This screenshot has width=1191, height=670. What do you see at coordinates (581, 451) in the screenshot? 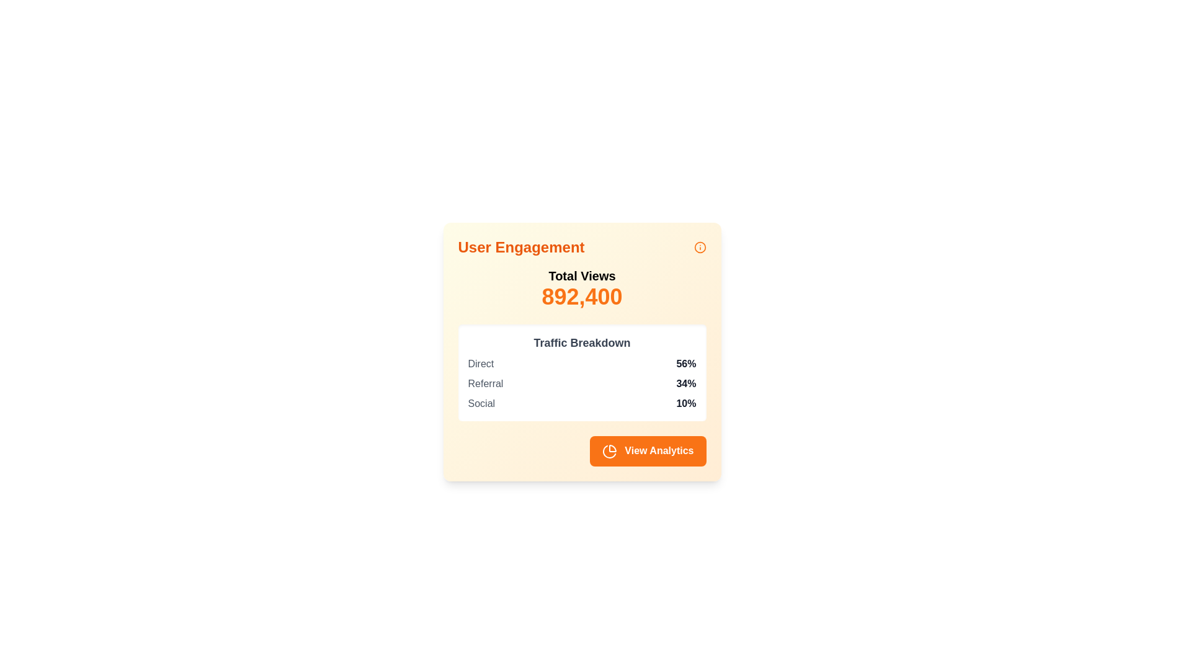
I see `the button located at the bottom right corner of the user's engagement card layout` at bounding box center [581, 451].